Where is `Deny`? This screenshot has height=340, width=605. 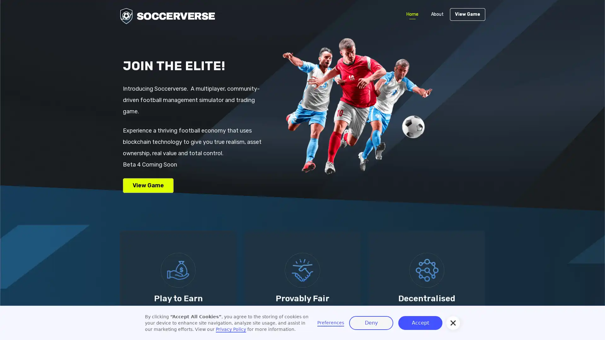 Deny is located at coordinates (371, 323).